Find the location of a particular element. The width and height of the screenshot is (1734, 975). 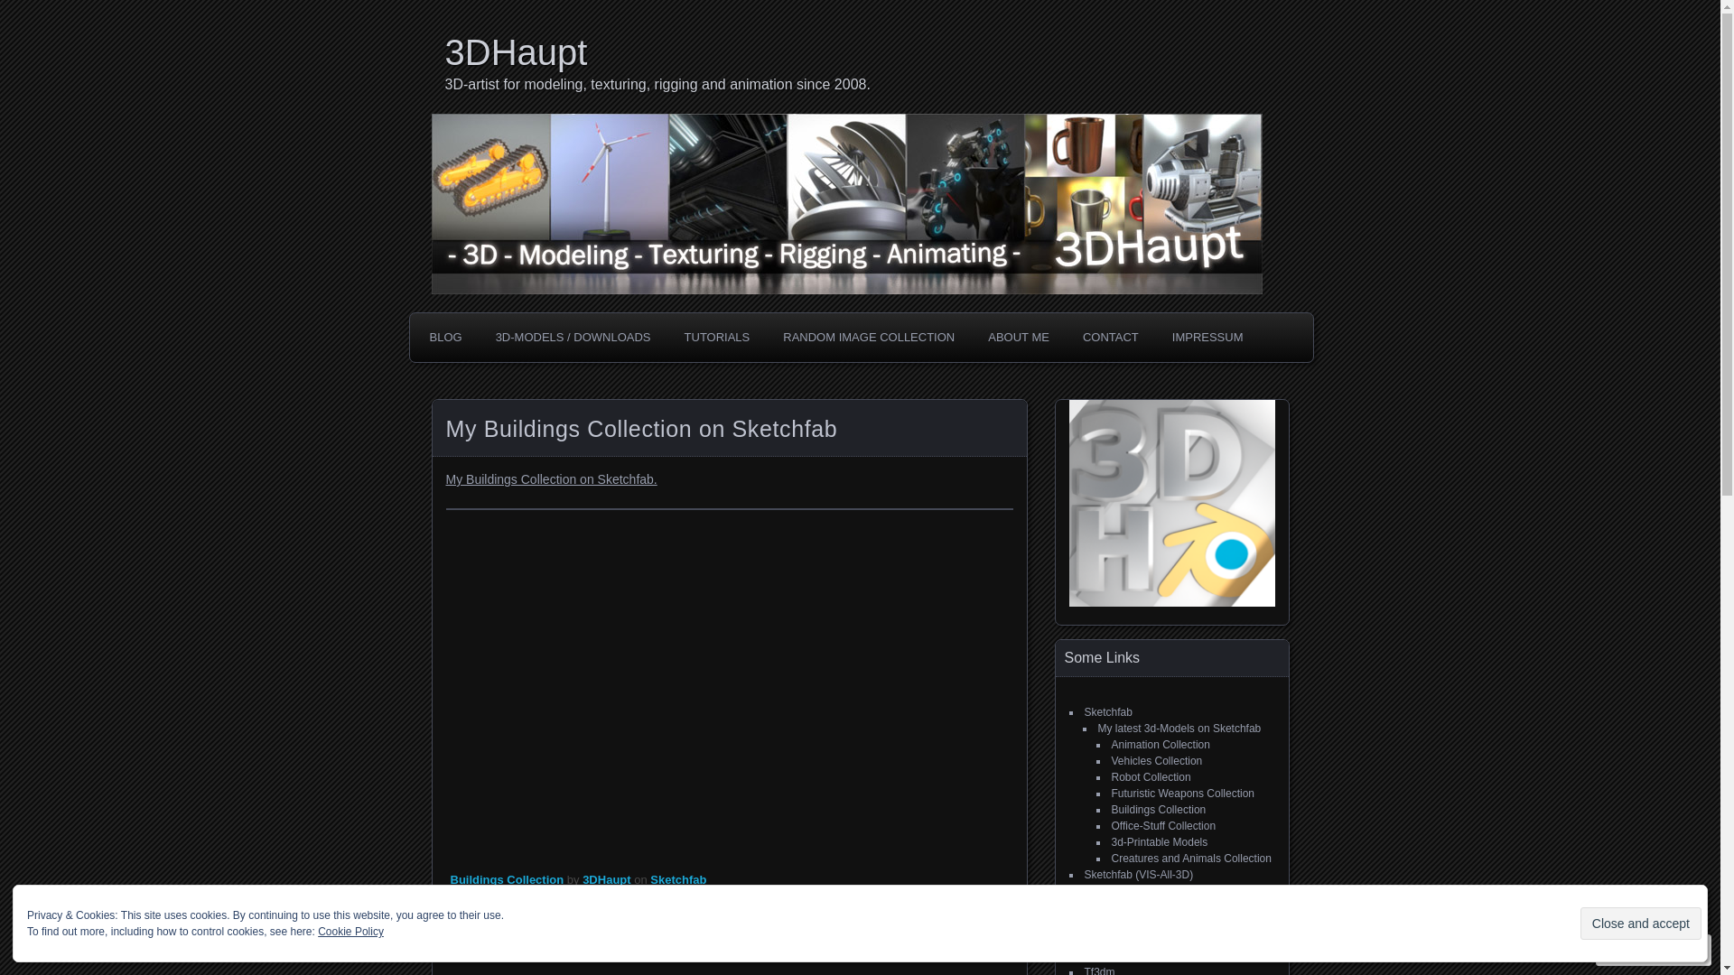

'3DHaupt' is located at coordinates (606, 878).